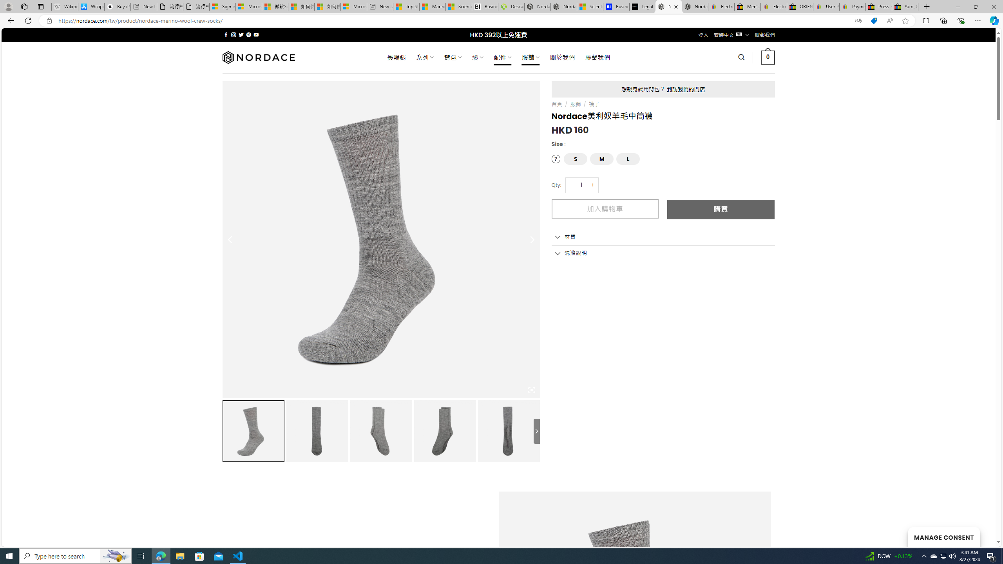  I want to click on 'Marine life - MSN', so click(433, 6).